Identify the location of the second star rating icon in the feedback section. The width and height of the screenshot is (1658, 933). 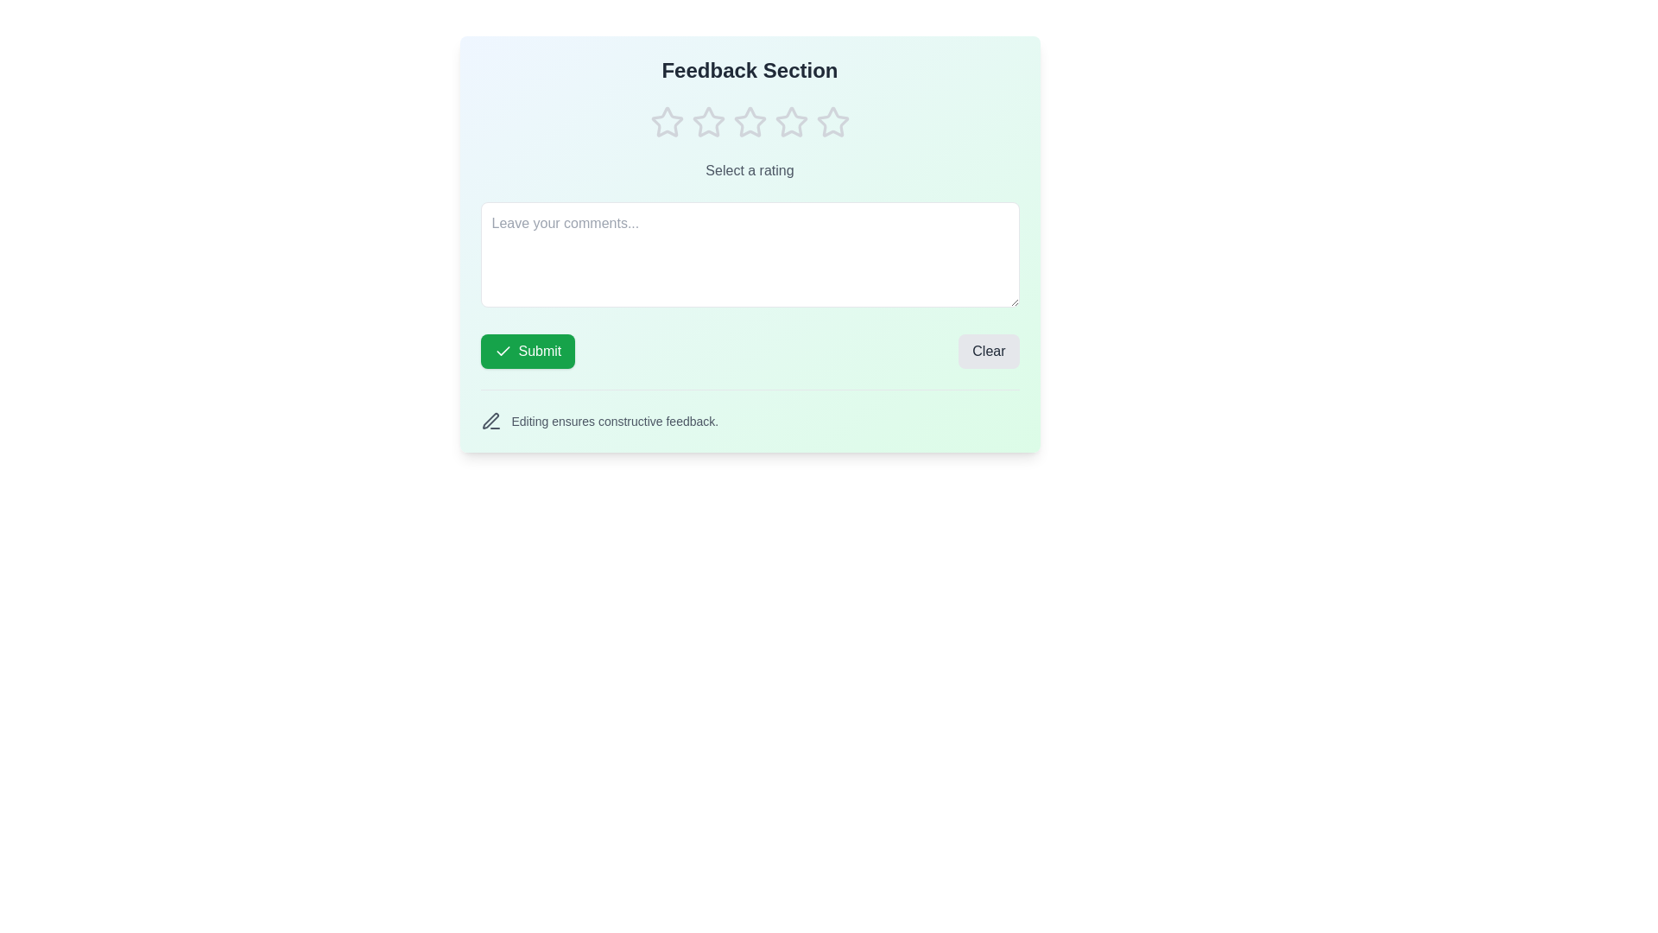
(708, 121).